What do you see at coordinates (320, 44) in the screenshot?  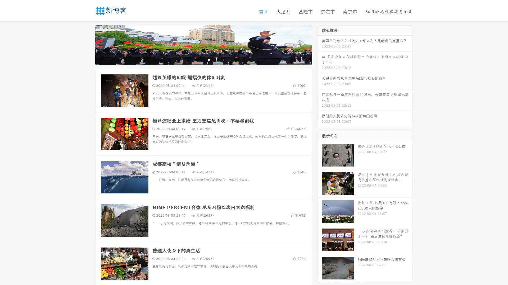 I see `Next slide` at bounding box center [320, 44].